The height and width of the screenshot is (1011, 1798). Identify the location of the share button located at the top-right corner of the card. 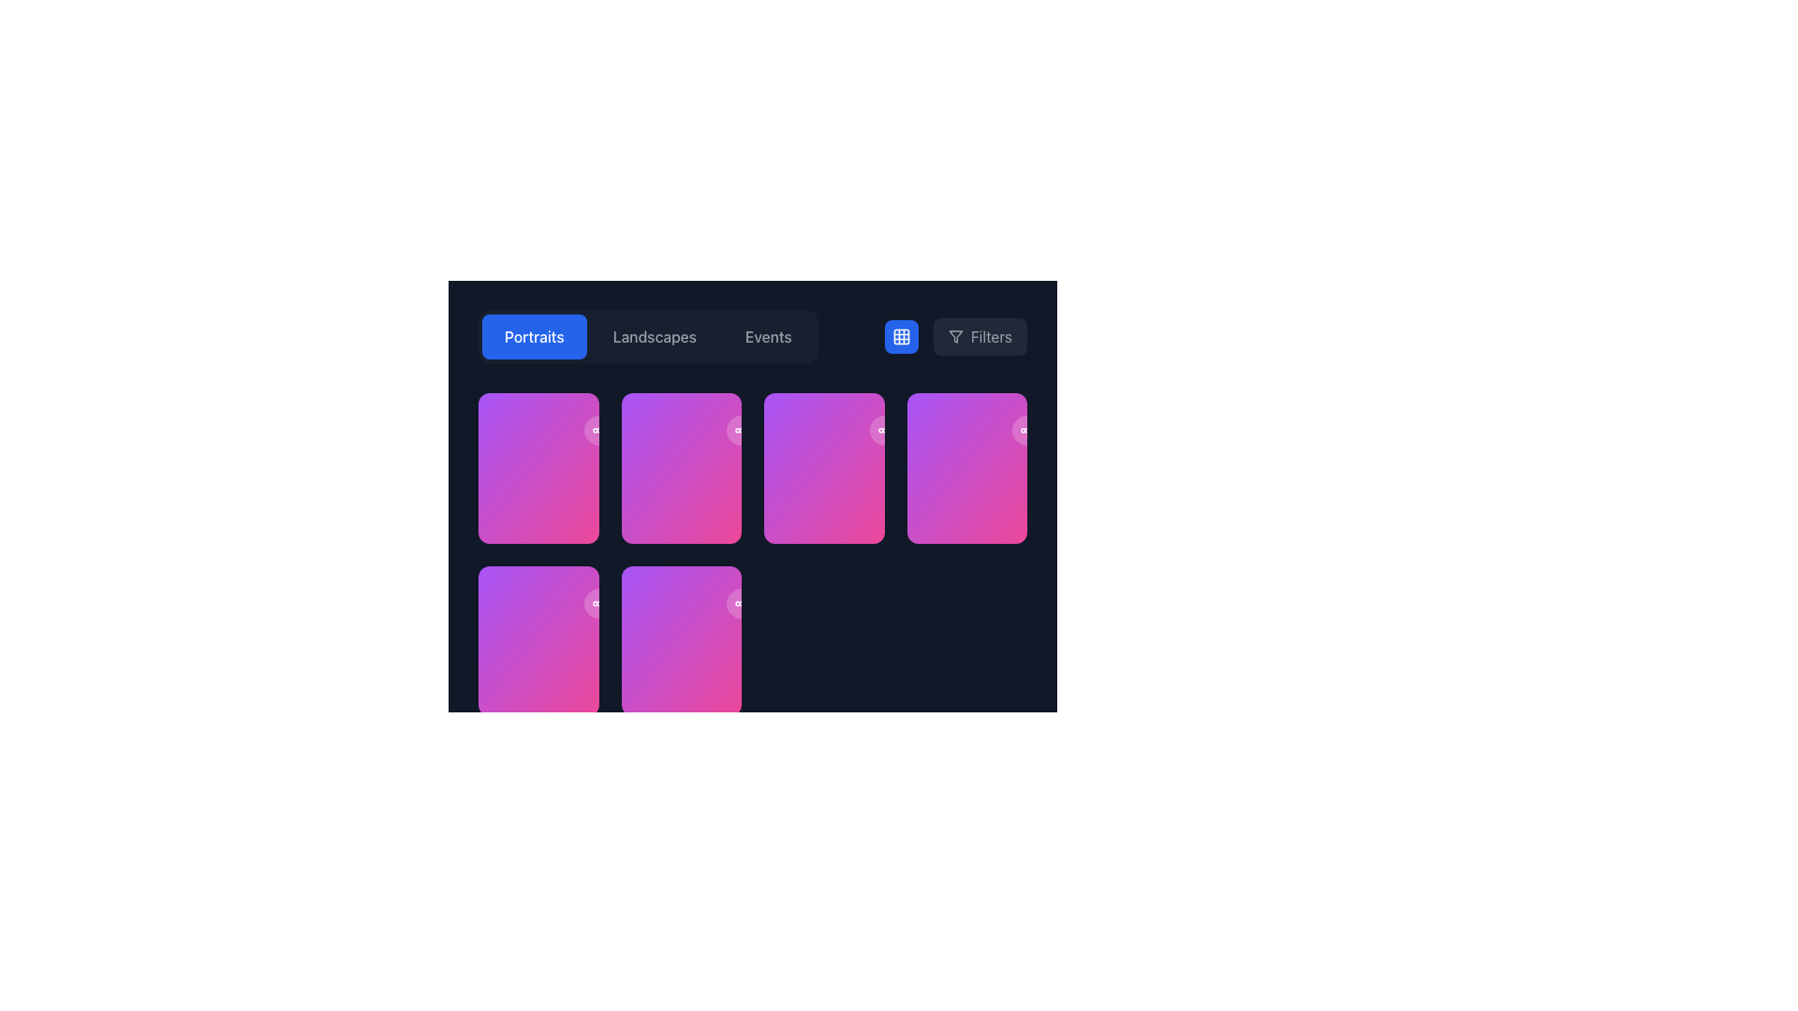
(1026, 430).